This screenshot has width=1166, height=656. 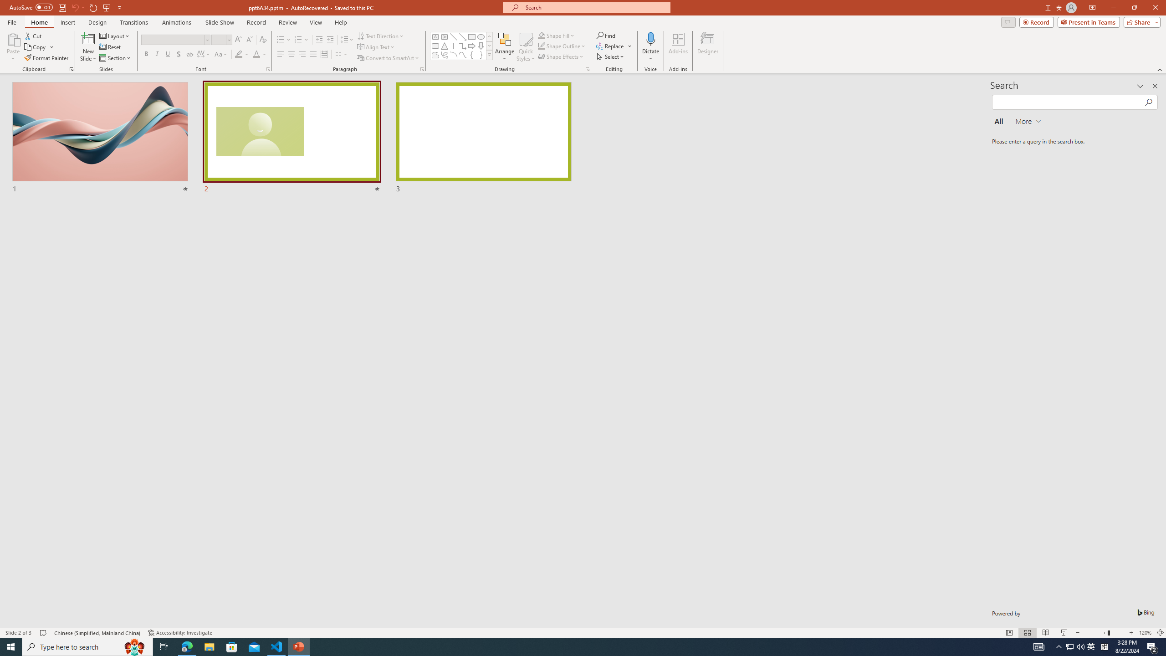 What do you see at coordinates (1146, 633) in the screenshot?
I see `'Zoom 120%'` at bounding box center [1146, 633].